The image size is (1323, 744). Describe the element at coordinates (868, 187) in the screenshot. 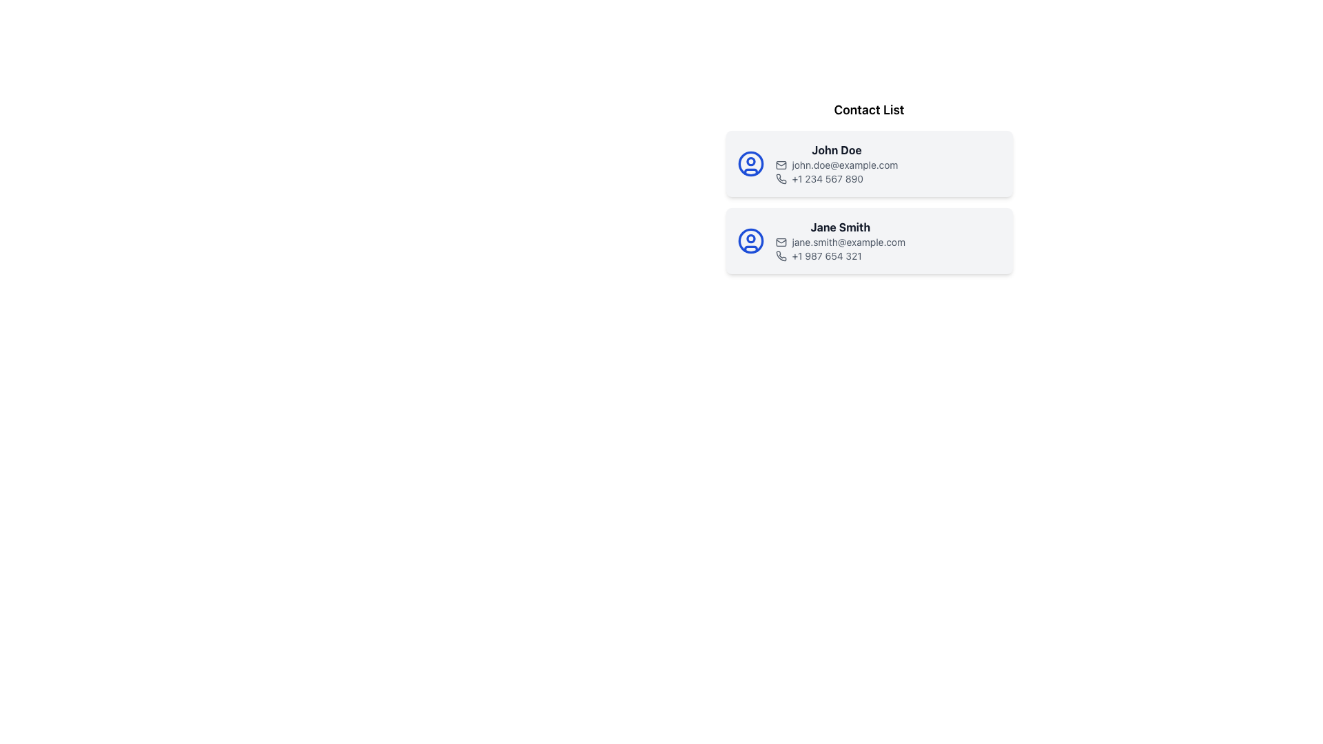

I see `the first contact card in the 'Contact List' section of the contact management interface` at that location.